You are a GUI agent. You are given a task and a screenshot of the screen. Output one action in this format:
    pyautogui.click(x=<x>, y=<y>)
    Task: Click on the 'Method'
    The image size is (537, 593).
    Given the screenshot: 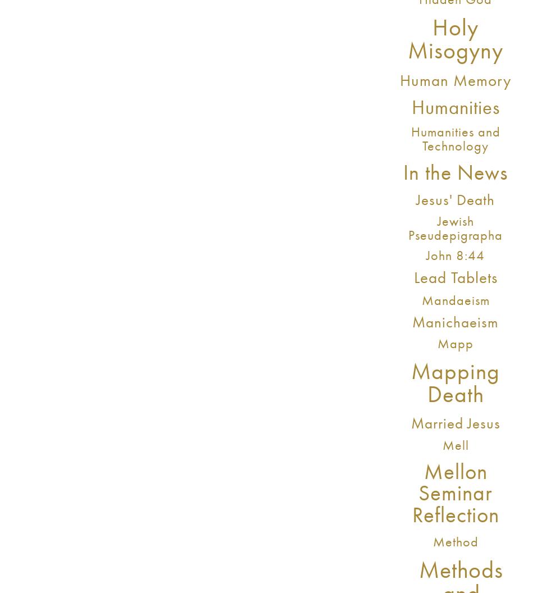 What is the action you would take?
    pyautogui.click(x=431, y=541)
    